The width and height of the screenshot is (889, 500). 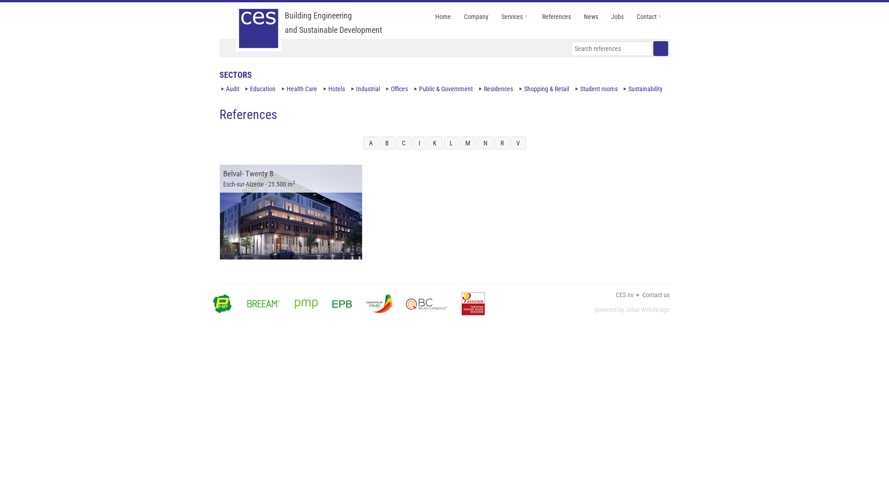 What do you see at coordinates (631, 309) in the screenshot?
I see `'powered by Jolux Webdesign'` at bounding box center [631, 309].